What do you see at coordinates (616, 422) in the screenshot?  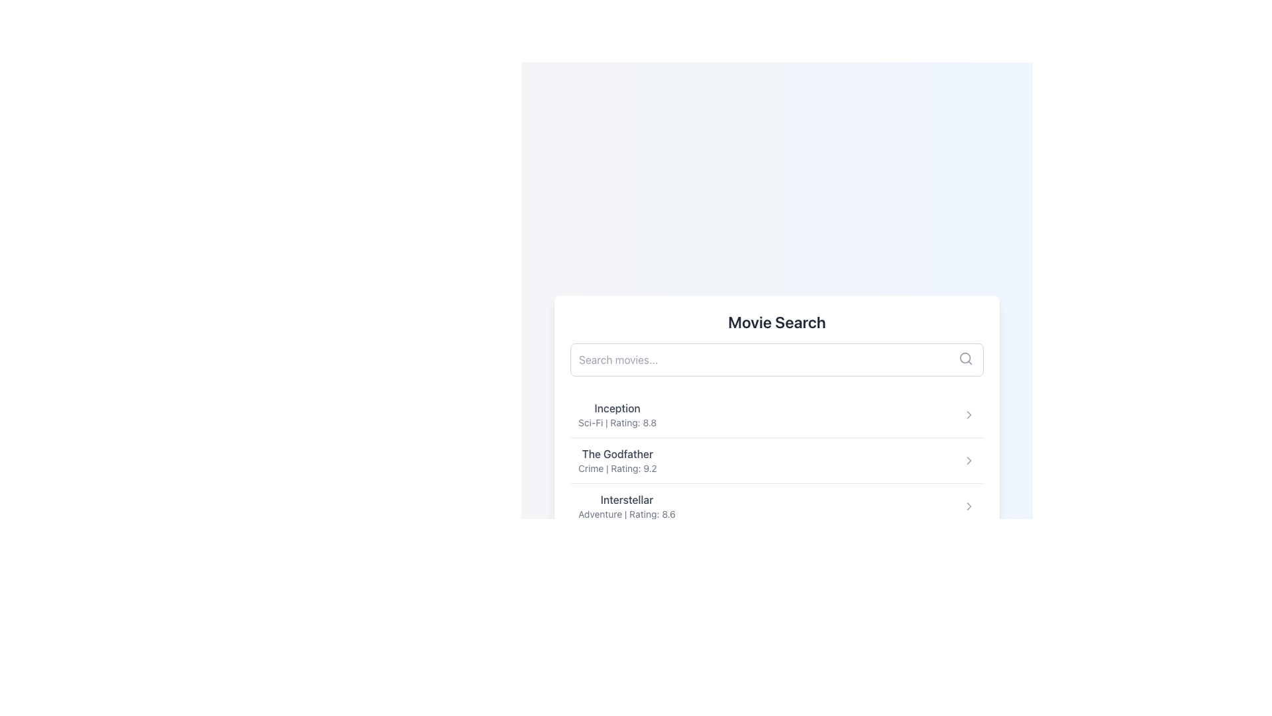 I see `the static text field that provides details about the movie 'Inception', specifically its genre 'Sci-Fi' and rating '8.8', located below the title in the first item of the list` at bounding box center [616, 422].